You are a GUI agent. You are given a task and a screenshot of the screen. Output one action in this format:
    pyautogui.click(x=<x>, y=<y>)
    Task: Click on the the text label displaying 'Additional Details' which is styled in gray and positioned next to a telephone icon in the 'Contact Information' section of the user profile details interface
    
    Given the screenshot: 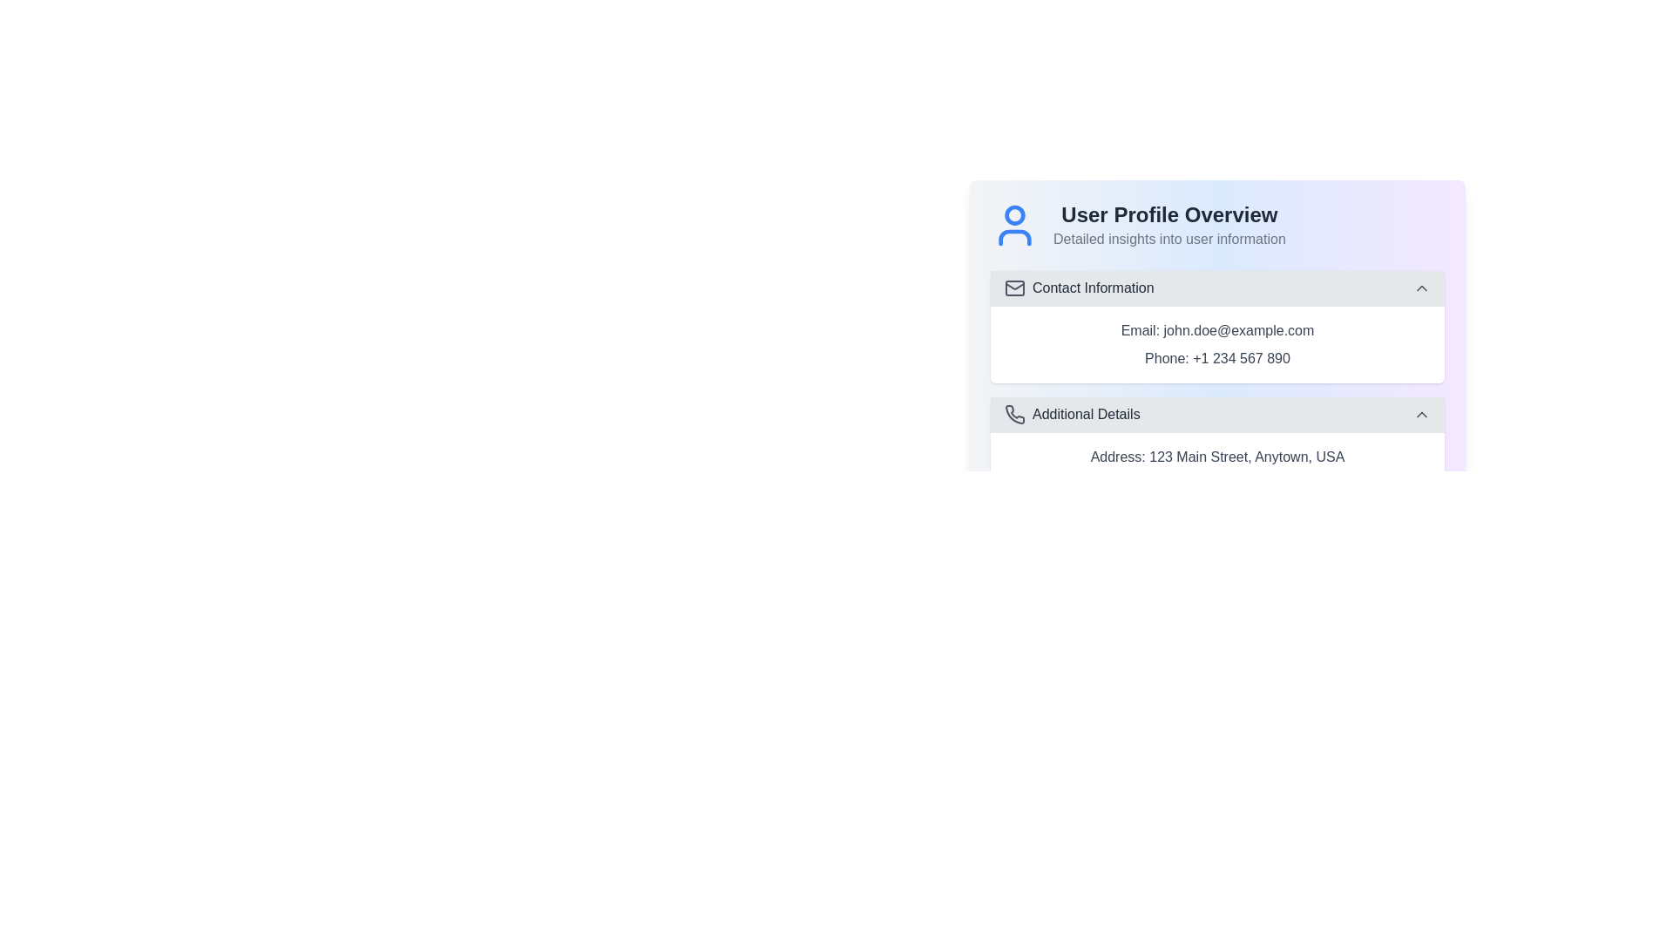 What is the action you would take?
    pyautogui.click(x=1085, y=414)
    